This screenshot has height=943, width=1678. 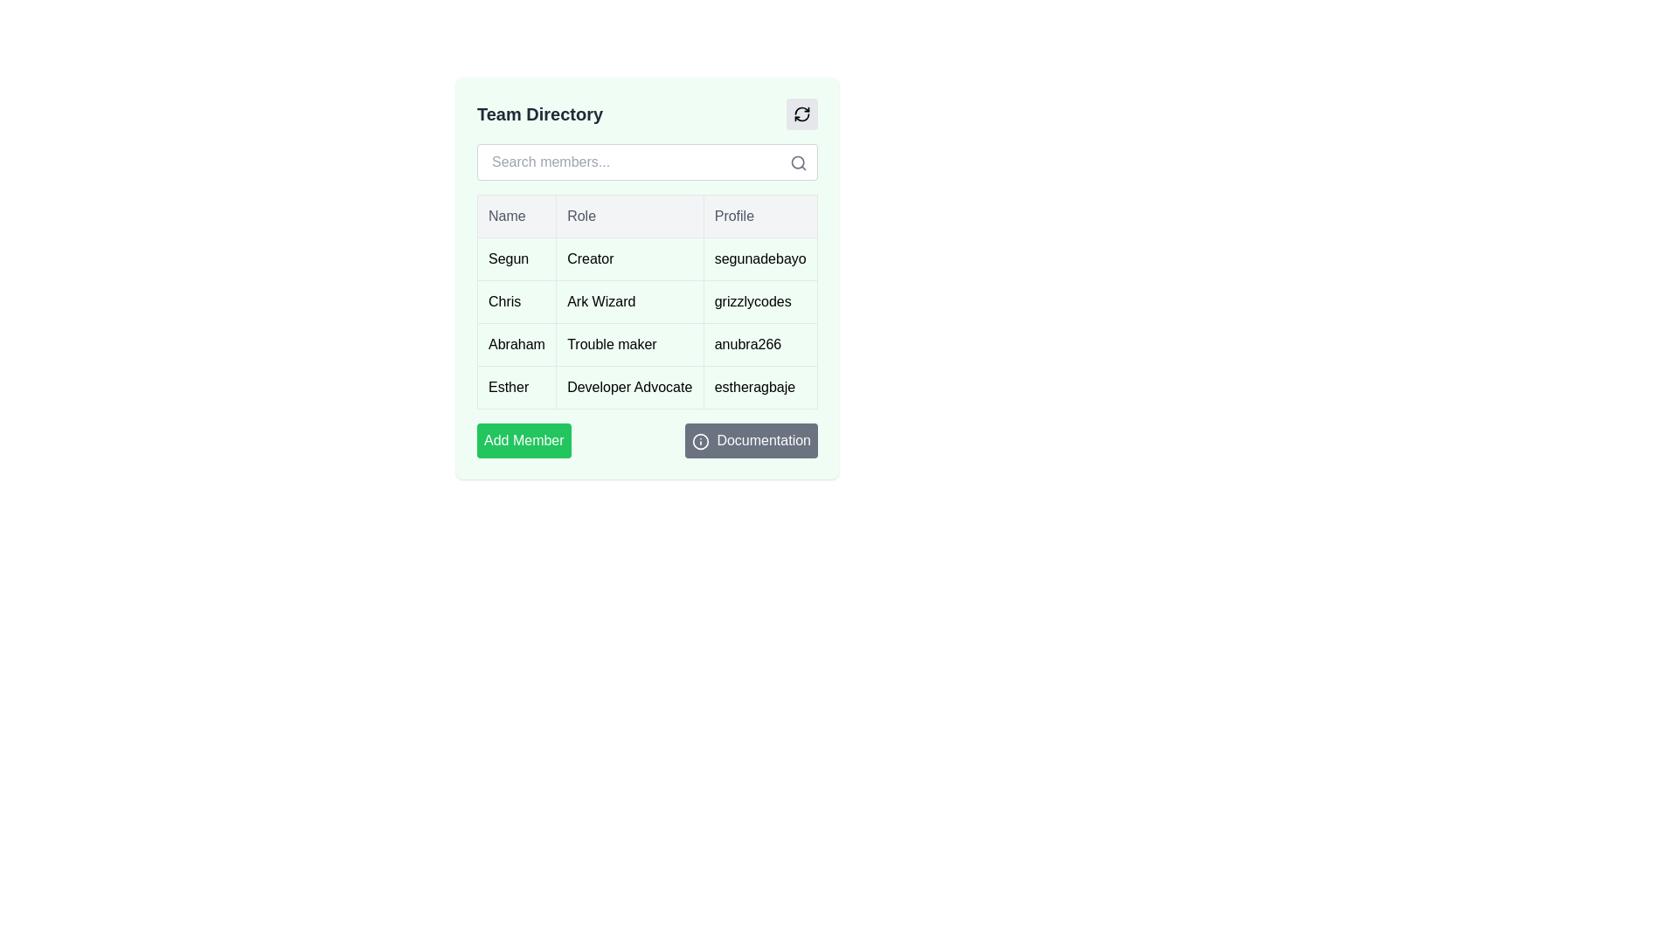 What do you see at coordinates (629, 386) in the screenshot?
I see `the static text element displaying 'Developer Advocate' under the 'Role' column for the row labeled 'Esther'` at bounding box center [629, 386].